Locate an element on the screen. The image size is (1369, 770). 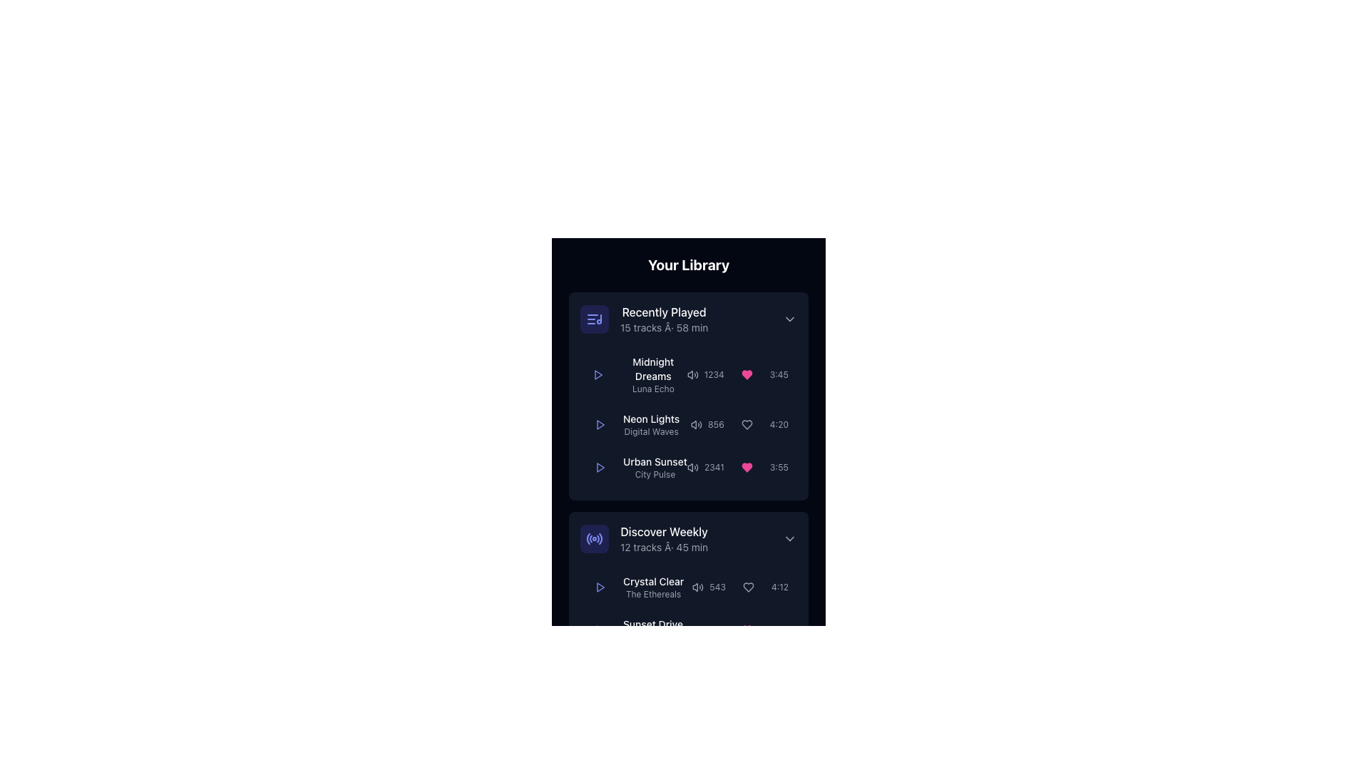
text content element displaying 'Neon Lights' and 'Digital Waves' in the 'Recently Played' section, which is the second entry in the list is located at coordinates (650, 424).